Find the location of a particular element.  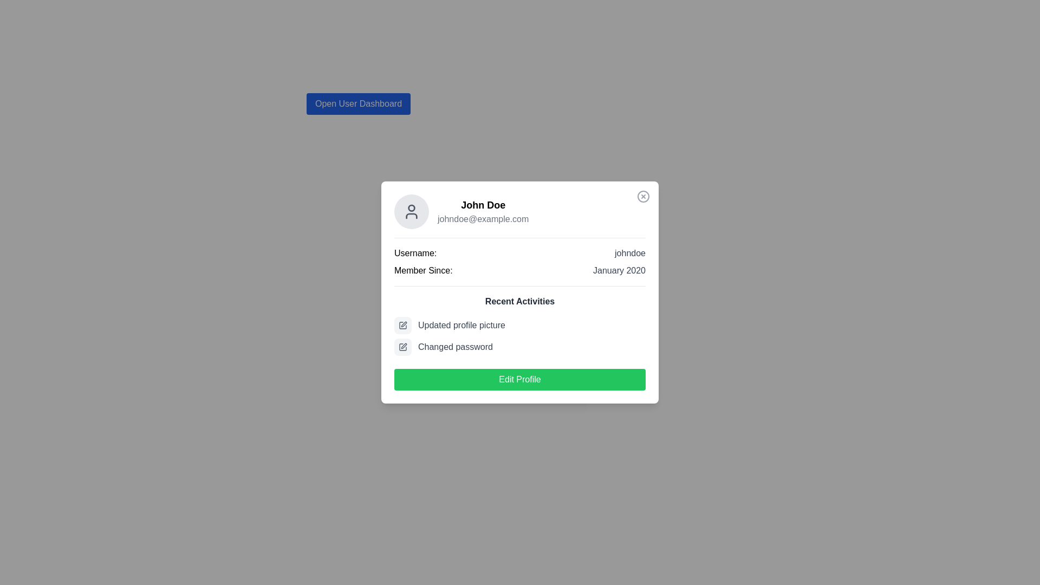

the composite text display element that shows the name 'John Doe' and the email 'johndoe@example.com', located in the top section of the user profile card is located at coordinates (483, 211).